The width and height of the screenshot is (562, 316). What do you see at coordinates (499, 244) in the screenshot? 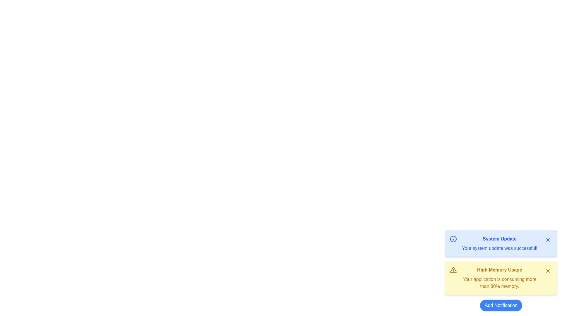
I see `the text block that displays 'System Update' in bold blue text and 'Your system update was successful!' in regular text, located in the blue notification card at the top of the alert section` at bounding box center [499, 244].